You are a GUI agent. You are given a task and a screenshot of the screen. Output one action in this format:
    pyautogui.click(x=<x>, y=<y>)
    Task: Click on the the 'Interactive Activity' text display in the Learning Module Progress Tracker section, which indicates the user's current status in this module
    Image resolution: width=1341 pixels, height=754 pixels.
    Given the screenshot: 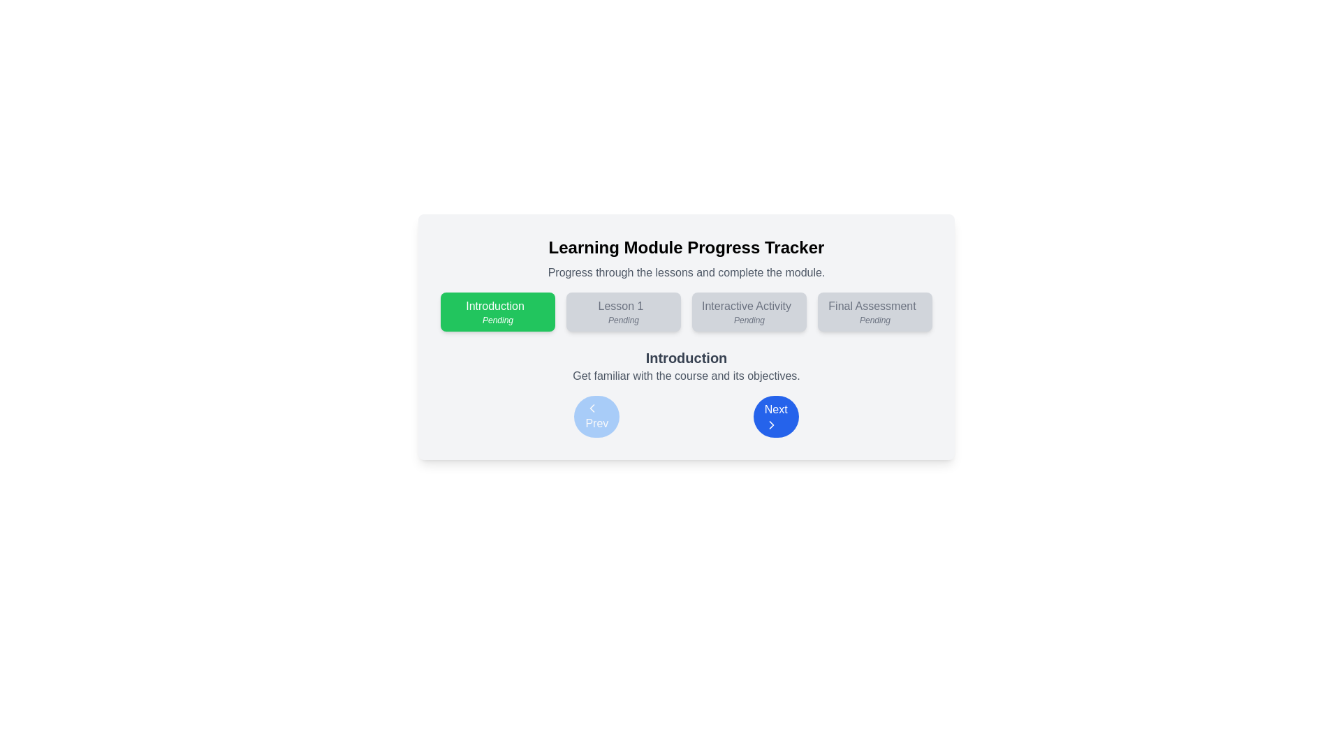 What is the action you would take?
    pyautogui.click(x=746, y=306)
    